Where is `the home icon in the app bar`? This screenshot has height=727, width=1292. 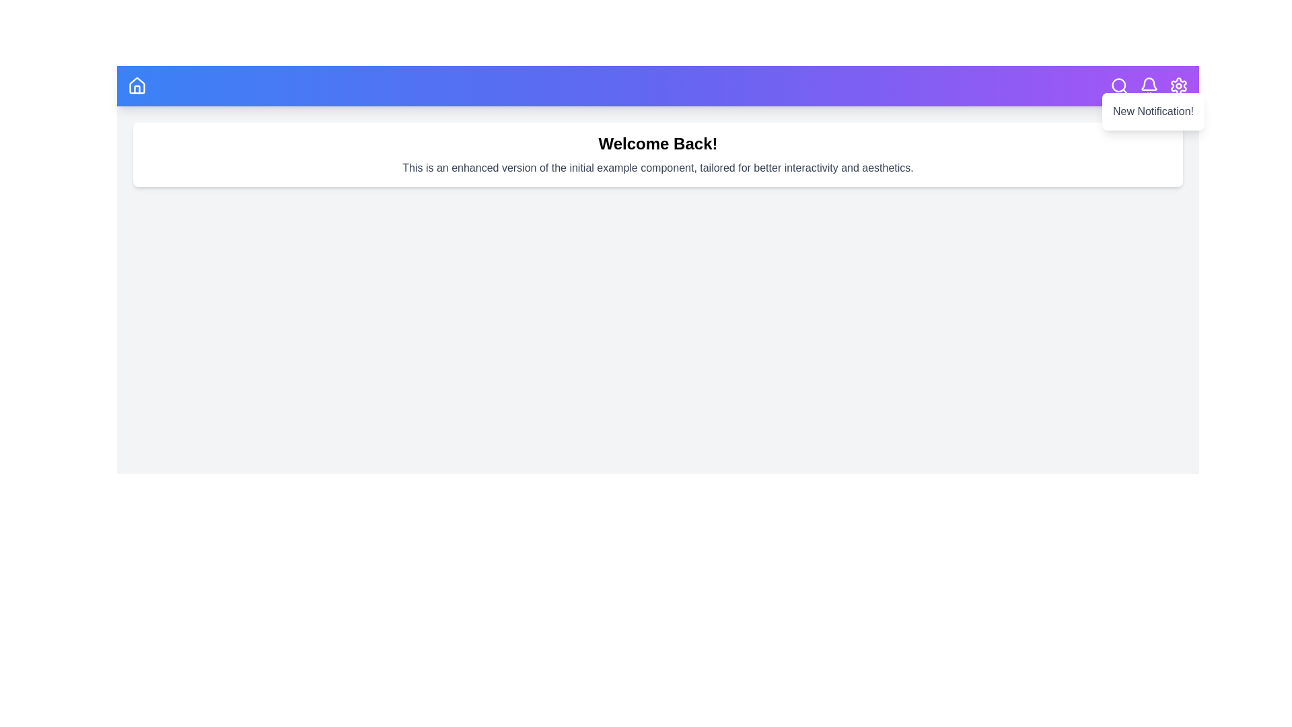 the home icon in the app bar is located at coordinates (137, 85).